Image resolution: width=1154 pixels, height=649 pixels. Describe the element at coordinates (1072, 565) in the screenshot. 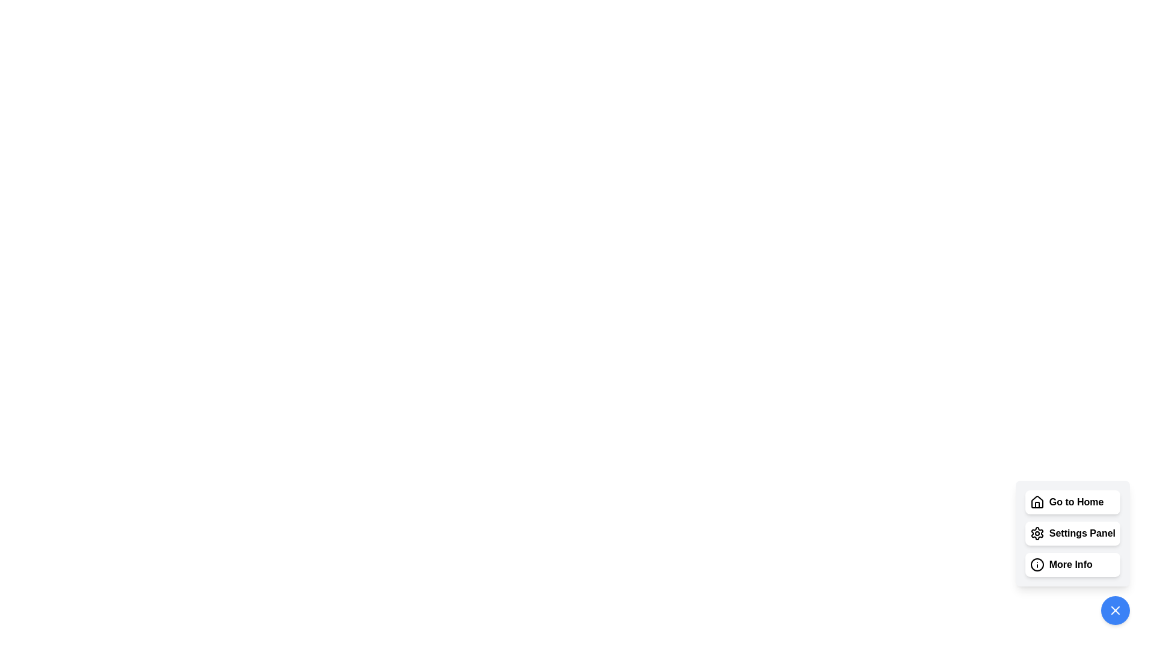

I see `the 'More Info' button, which is a rectangular button with an information icon on the left and white background, located below the 'Settings Panel' button` at that location.